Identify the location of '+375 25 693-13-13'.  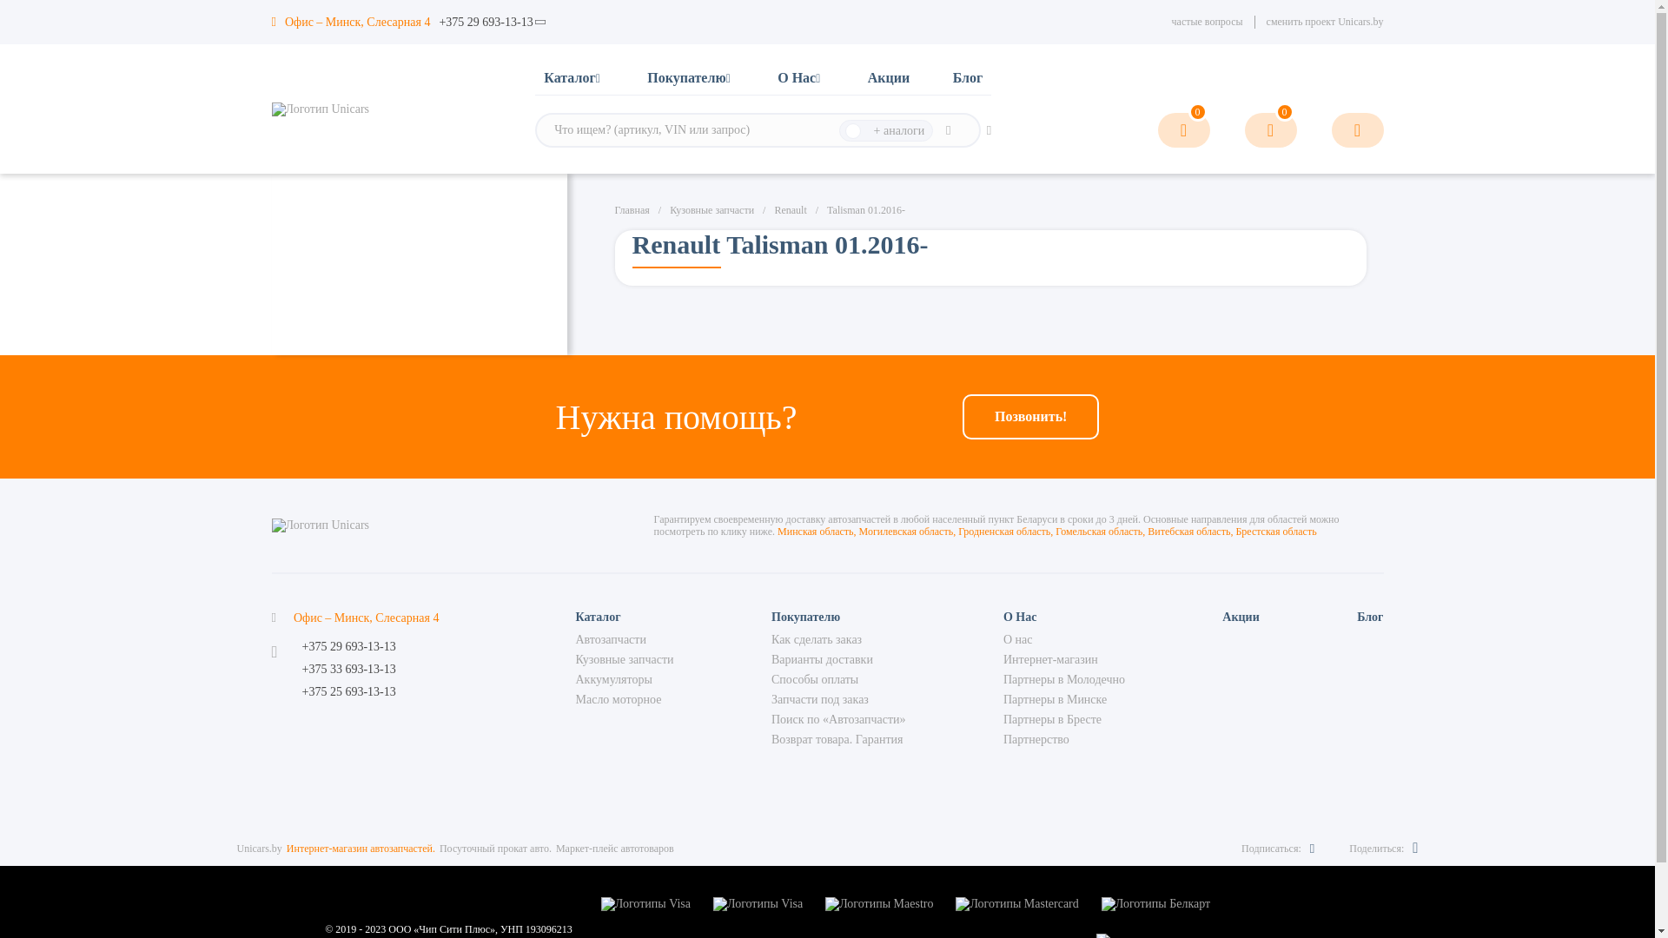
(348, 691).